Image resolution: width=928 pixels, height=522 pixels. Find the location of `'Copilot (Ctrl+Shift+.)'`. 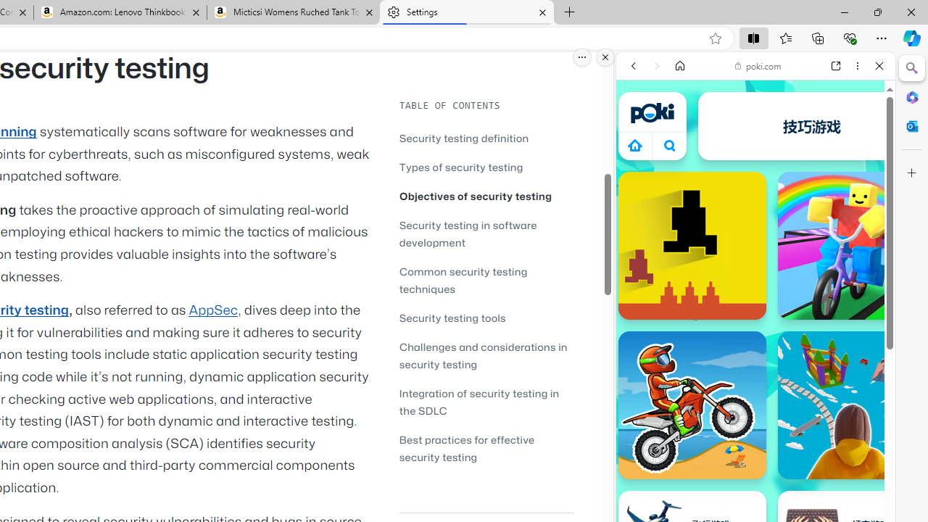

'Copilot (Ctrl+Shift+.)' is located at coordinates (911, 37).